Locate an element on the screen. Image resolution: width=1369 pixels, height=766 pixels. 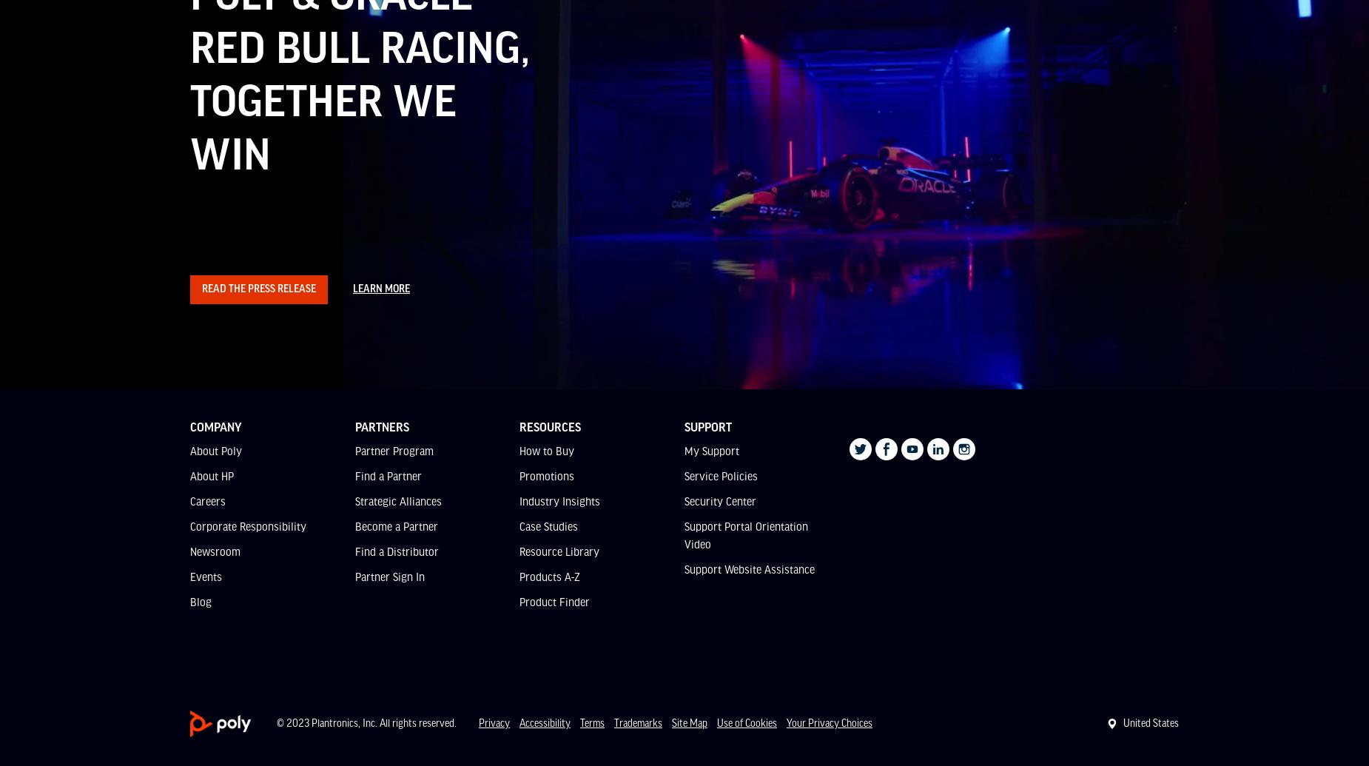
'Products A-Z' is located at coordinates (549, 576).